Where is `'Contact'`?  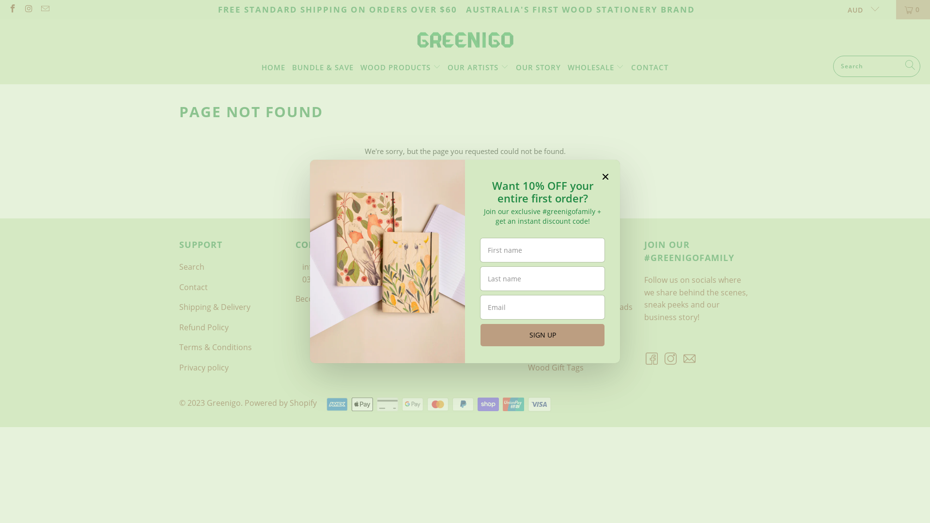 'Contact' is located at coordinates (193, 287).